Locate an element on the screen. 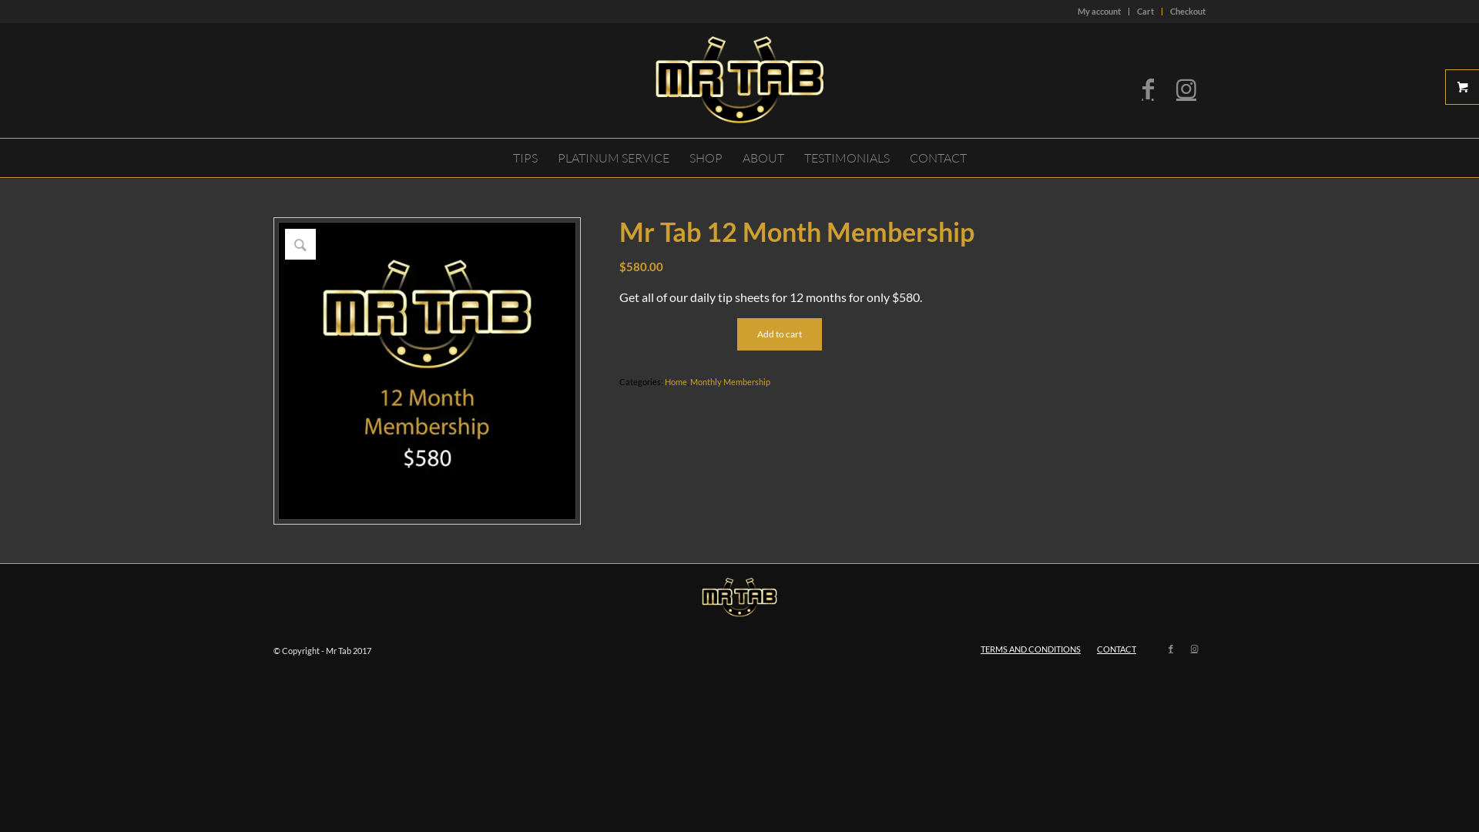  'TERMS AND CONDITIONS' is located at coordinates (1031, 649).